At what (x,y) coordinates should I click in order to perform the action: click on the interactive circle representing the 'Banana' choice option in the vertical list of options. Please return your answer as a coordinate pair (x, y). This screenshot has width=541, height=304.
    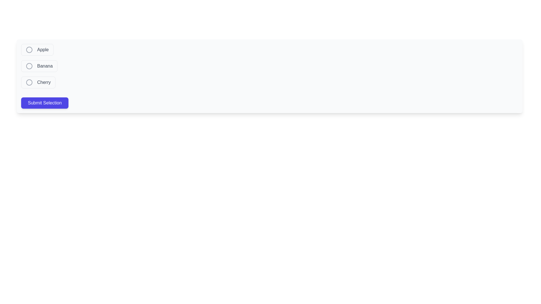
    Looking at the image, I should click on (29, 66).